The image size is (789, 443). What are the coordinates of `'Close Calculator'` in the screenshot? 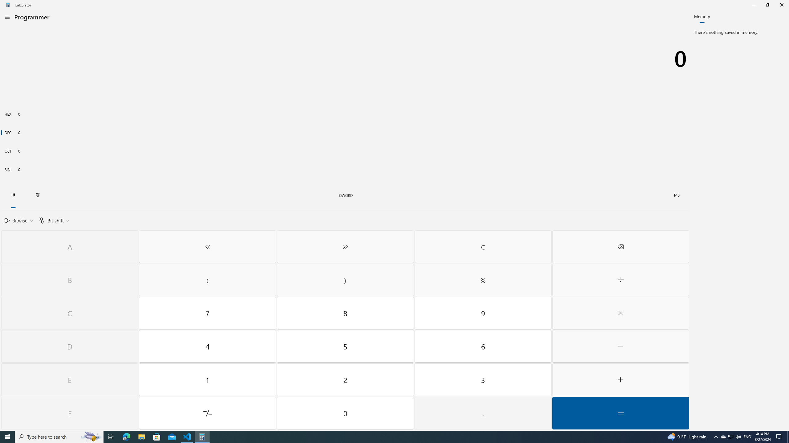 It's located at (781, 5).